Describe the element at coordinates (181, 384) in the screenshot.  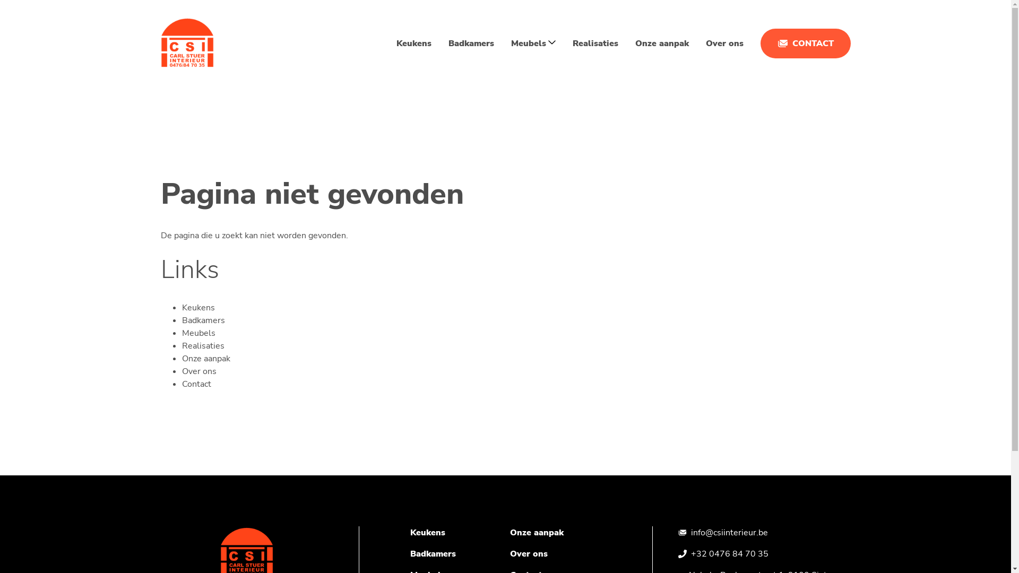
I see `'Contact'` at that location.